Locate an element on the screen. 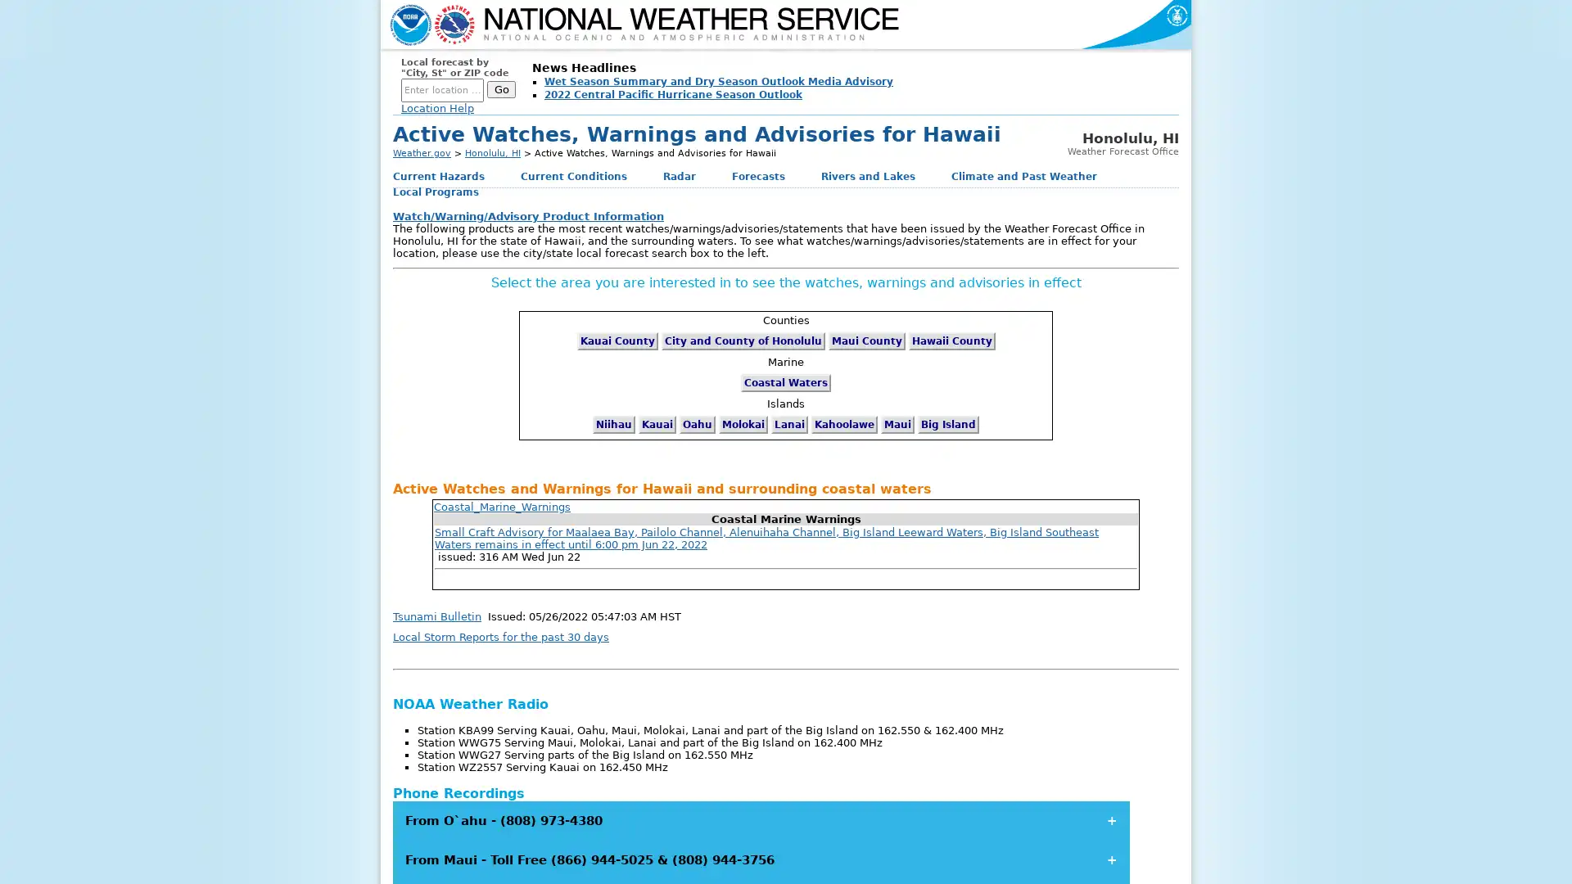  Go is located at coordinates (500, 89).